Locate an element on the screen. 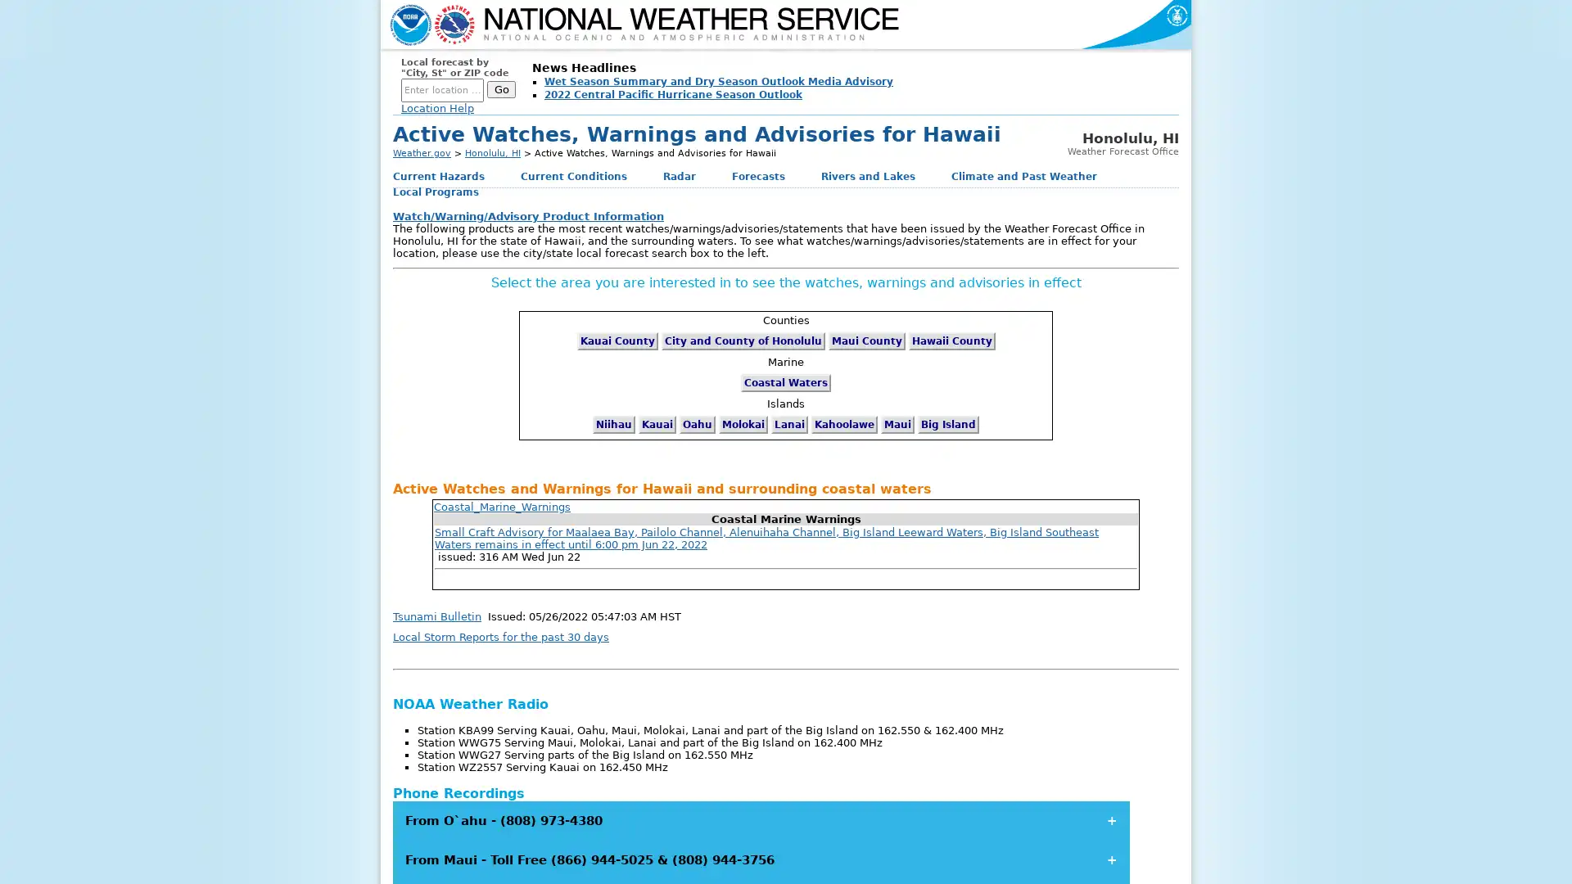  Go is located at coordinates (500, 89).